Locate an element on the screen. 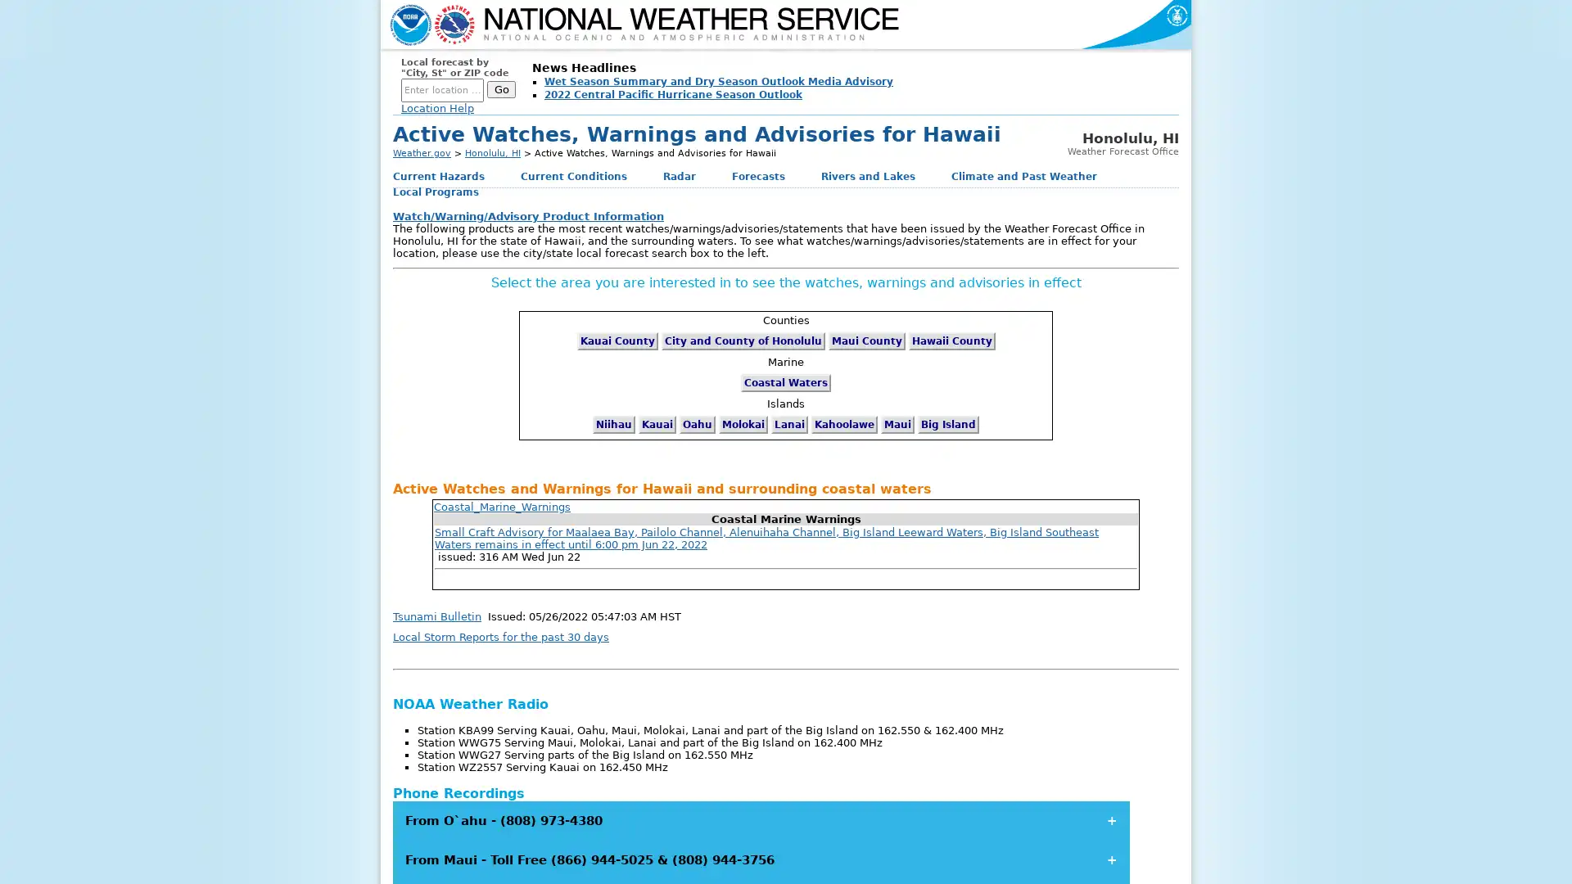  Go is located at coordinates (500, 89).